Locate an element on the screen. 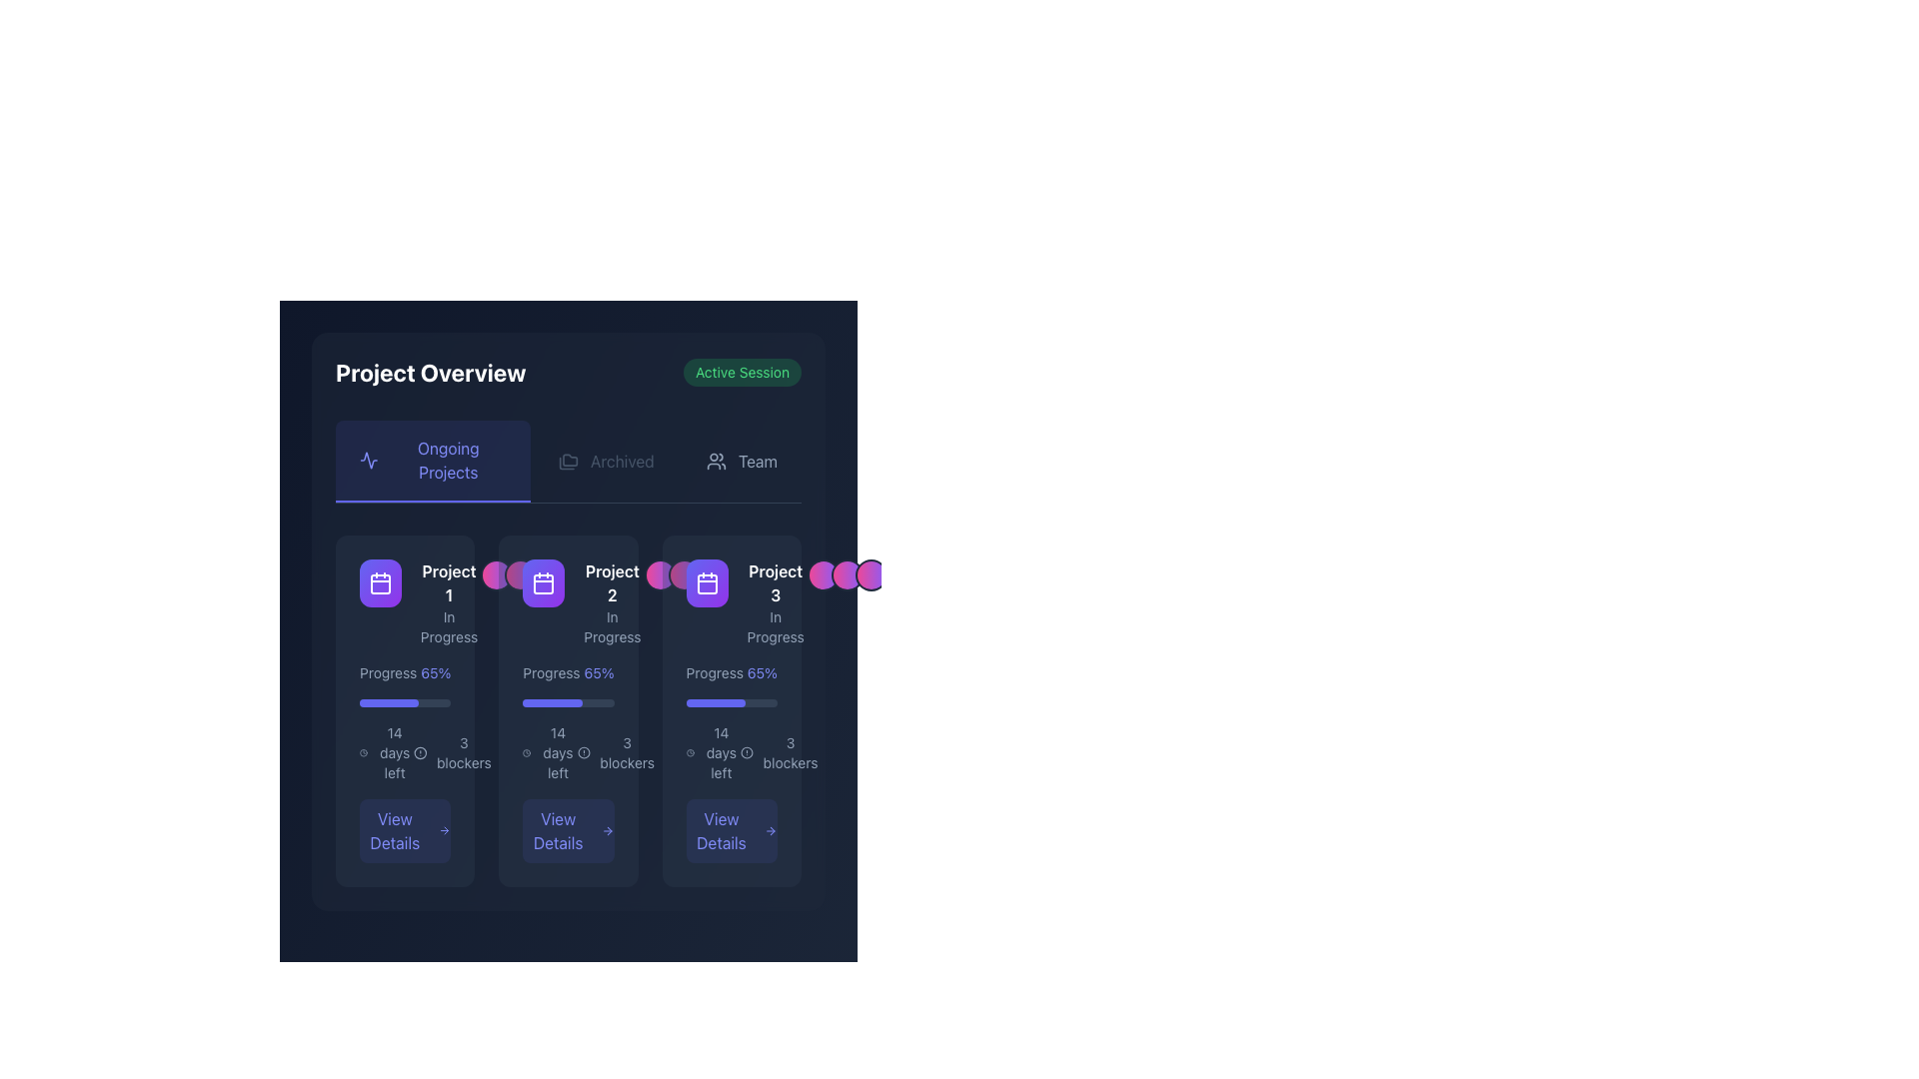 This screenshot has width=1919, height=1079. the text label indicating a section or category for ongoing projects, located in the upper-left quadrant of the interface layout is located at coordinates (447, 461).